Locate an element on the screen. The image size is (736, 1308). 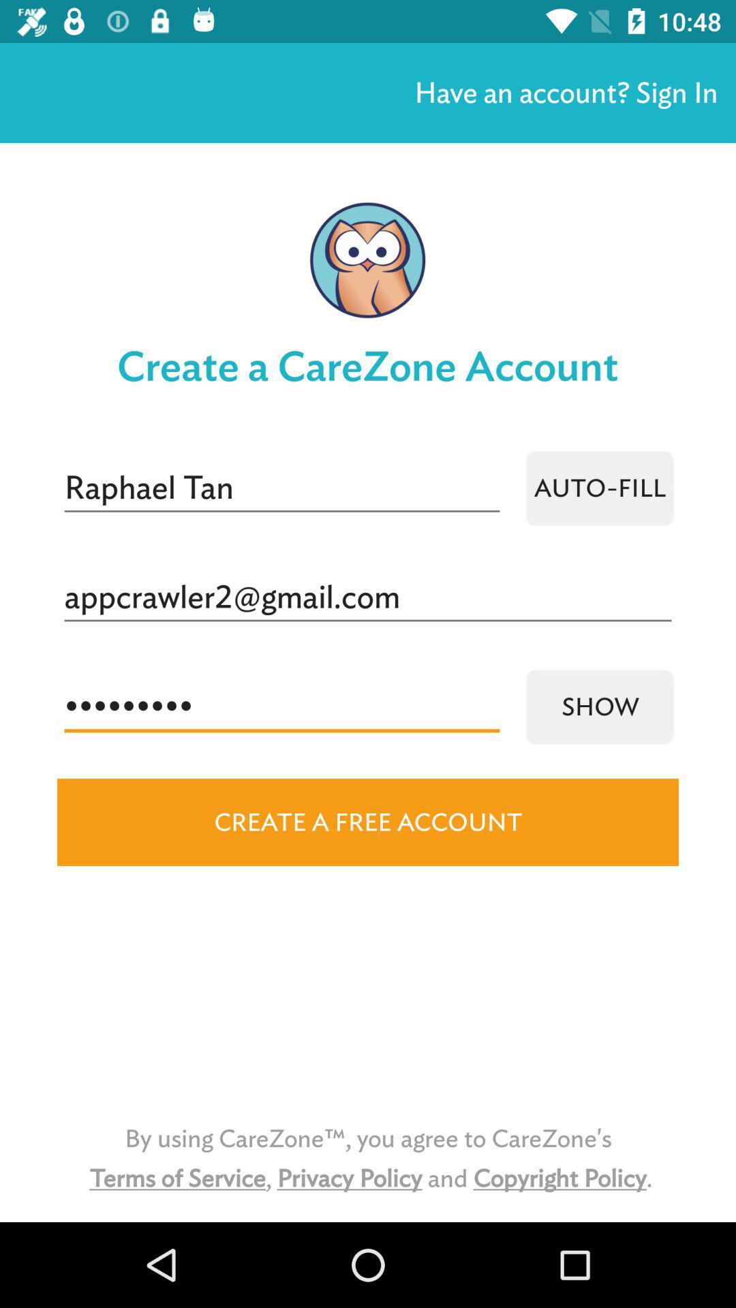
item below create a carezone item is located at coordinates (599, 488).